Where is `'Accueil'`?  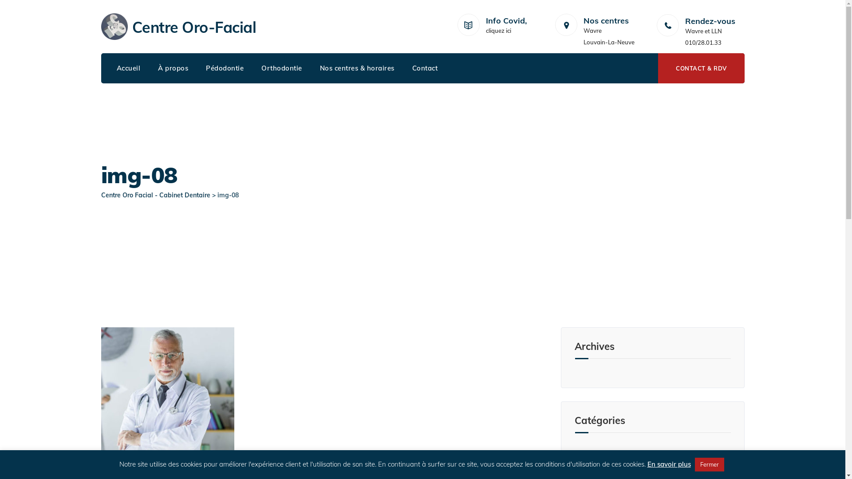
'Accueil' is located at coordinates (127, 68).